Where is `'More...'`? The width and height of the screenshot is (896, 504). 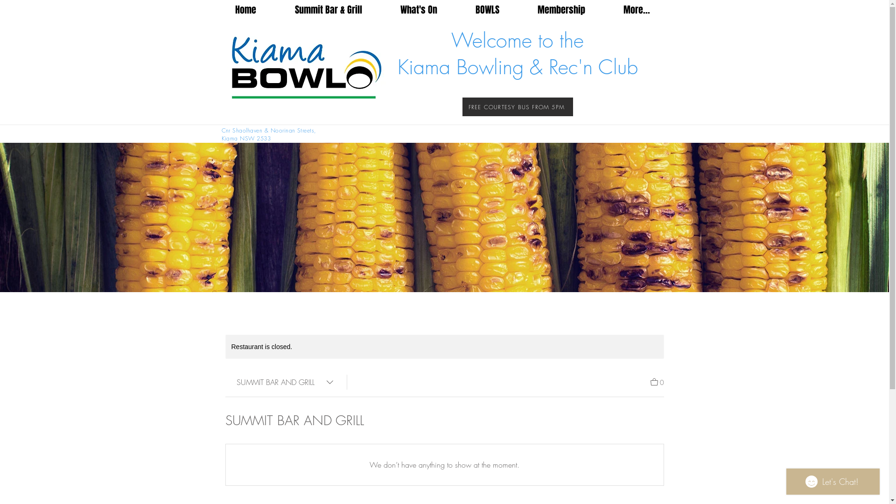
'More...' is located at coordinates (636, 10).